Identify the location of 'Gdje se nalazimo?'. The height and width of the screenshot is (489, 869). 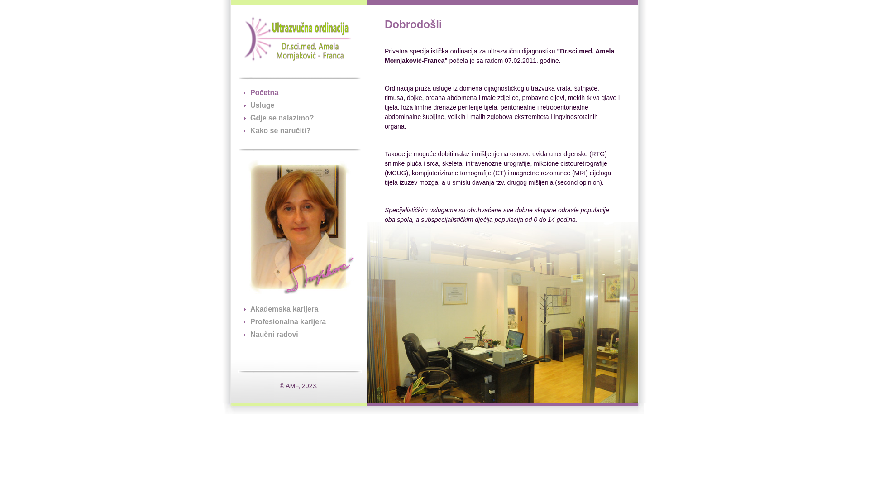
(282, 117).